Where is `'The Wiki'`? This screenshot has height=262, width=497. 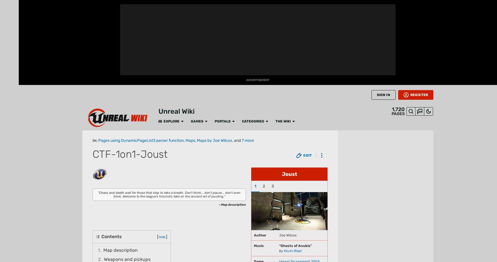 'The Wiki' is located at coordinates (178, 6).